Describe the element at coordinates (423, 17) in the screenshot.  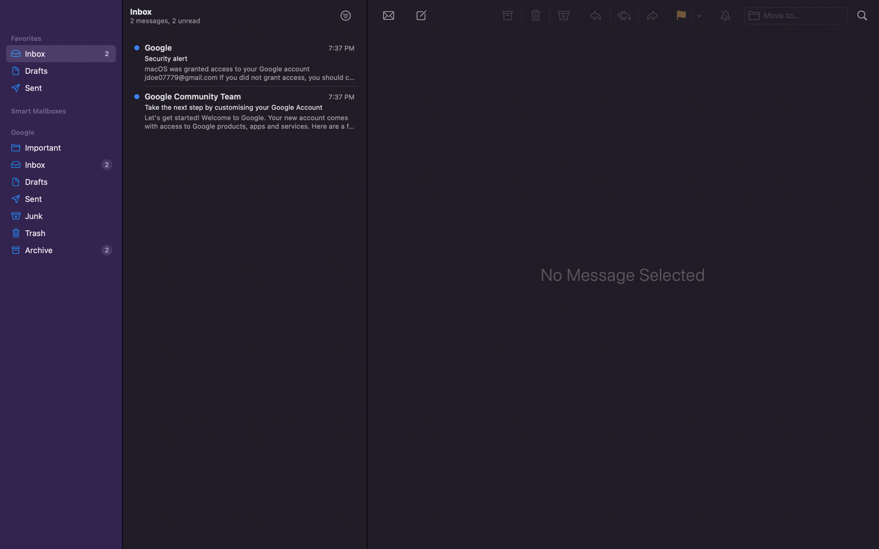
I see `the choice to generate a new mail` at that location.